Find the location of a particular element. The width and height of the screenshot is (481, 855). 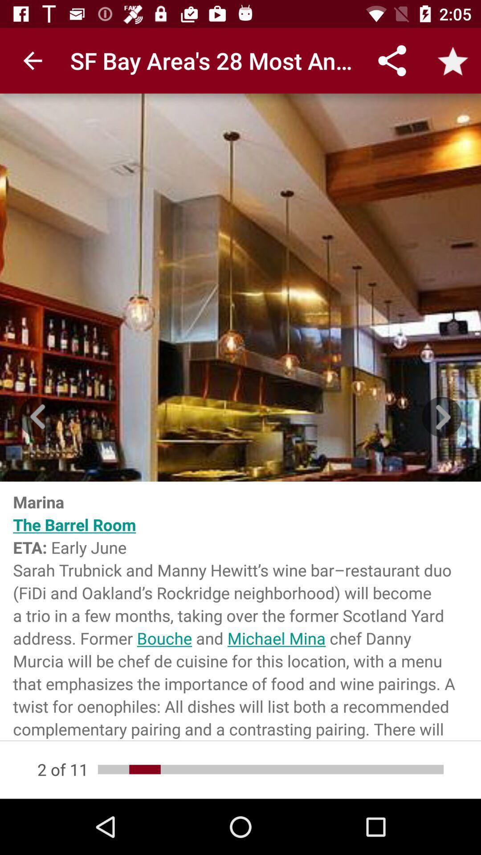

app to the left of sf bay area app is located at coordinates (32, 60).